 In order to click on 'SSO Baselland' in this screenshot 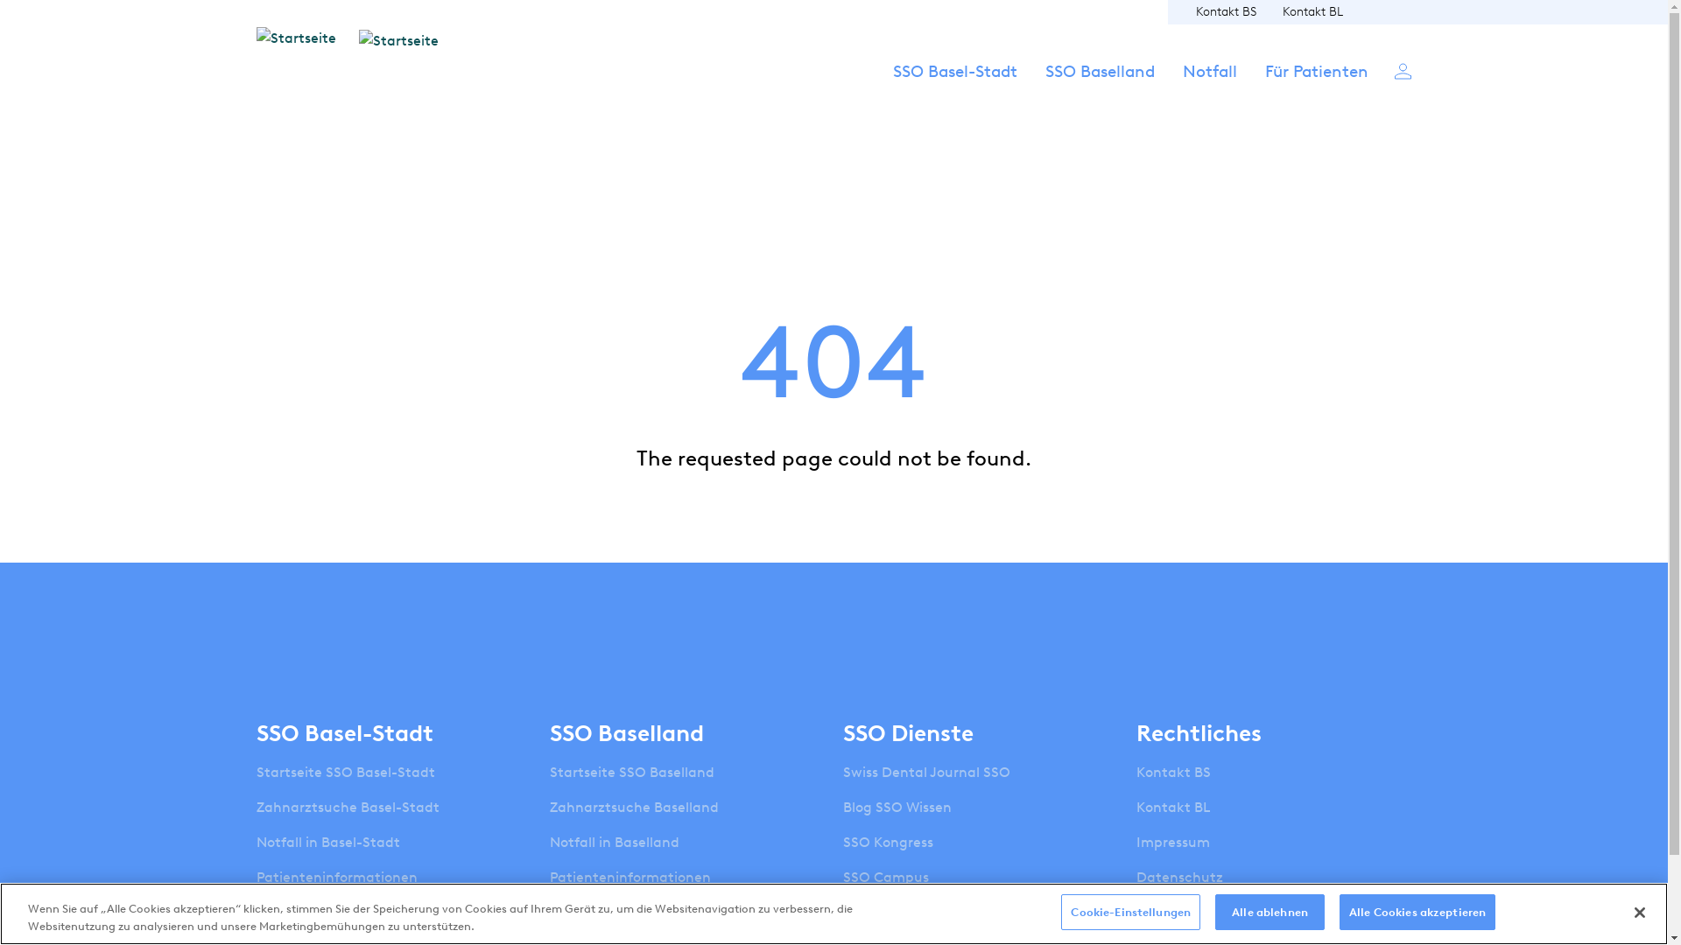, I will do `click(1099, 87)`.